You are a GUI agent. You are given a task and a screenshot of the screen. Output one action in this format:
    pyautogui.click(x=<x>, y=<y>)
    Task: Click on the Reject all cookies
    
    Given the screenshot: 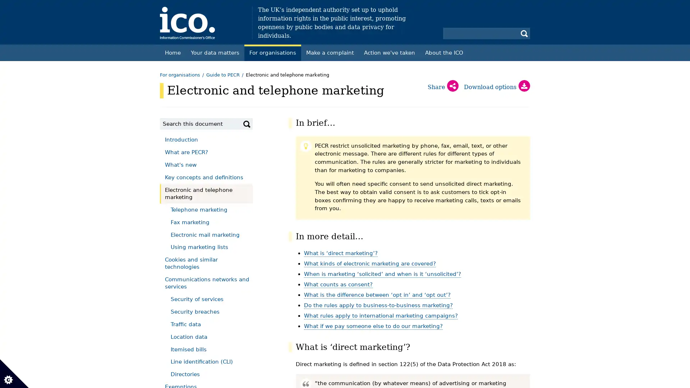 What is the action you would take?
    pyautogui.click(x=128, y=93)
    